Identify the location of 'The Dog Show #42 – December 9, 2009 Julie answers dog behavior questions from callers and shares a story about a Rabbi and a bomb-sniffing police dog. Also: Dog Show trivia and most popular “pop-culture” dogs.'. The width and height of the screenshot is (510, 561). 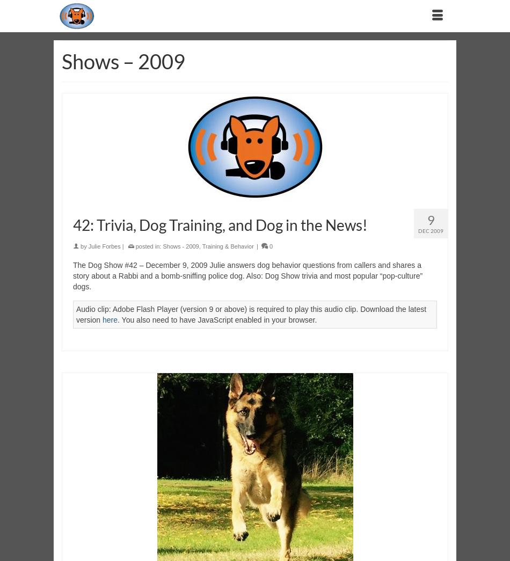
(247, 275).